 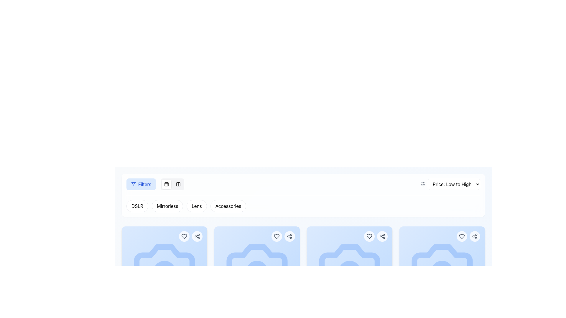 I want to click on the circular button with a sharing link icon located at the top right corner of the image section to change its background color, so click(x=290, y=236).